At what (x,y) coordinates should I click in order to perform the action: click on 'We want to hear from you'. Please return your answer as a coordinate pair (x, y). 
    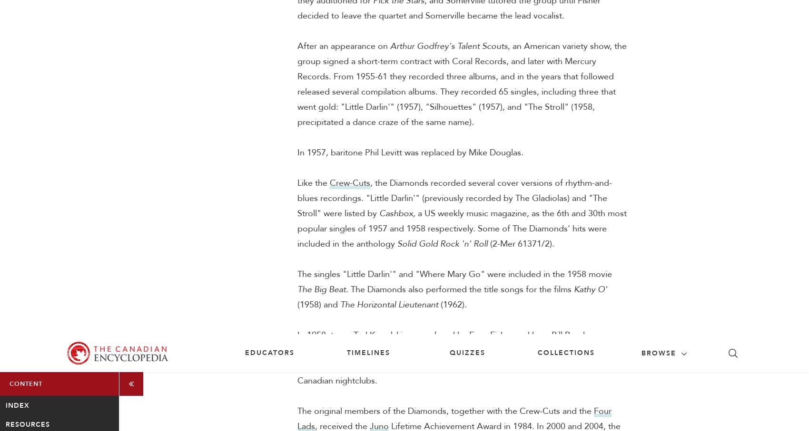
    Looking at the image, I should click on (233, 322).